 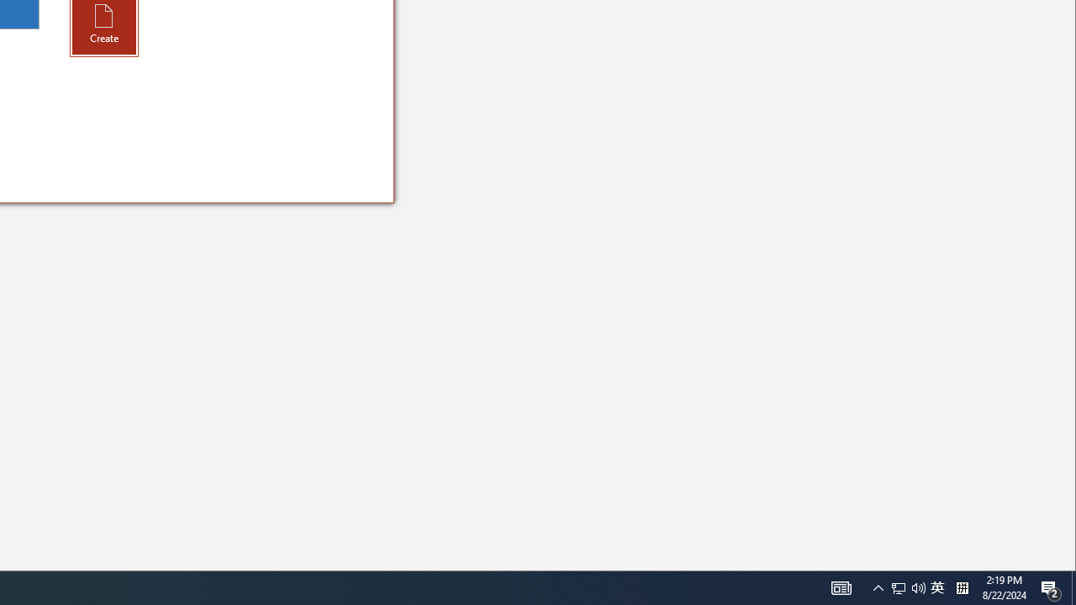 What do you see at coordinates (918, 587) in the screenshot?
I see `'Tray Input Indicator - Chinese (Simplified, China)'` at bounding box center [918, 587].